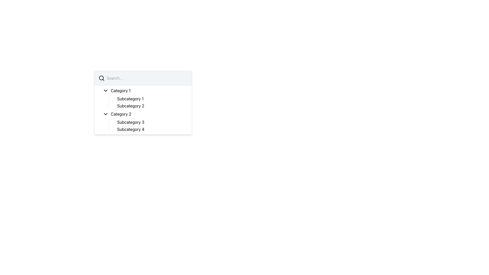  I want to click on the text label displaying 'Subcategory 4', which is styled in black font on a white background and has a small circular red bullet adjacent to it, so click(152, 129).